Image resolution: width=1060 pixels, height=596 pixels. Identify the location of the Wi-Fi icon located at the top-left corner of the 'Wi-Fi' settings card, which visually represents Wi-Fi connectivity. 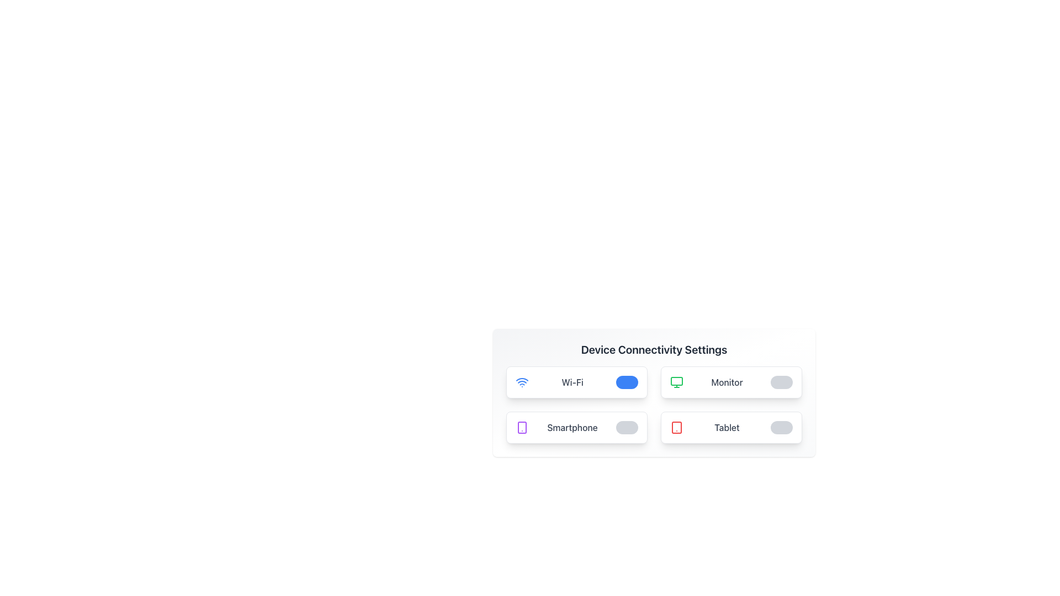
(521, 382).